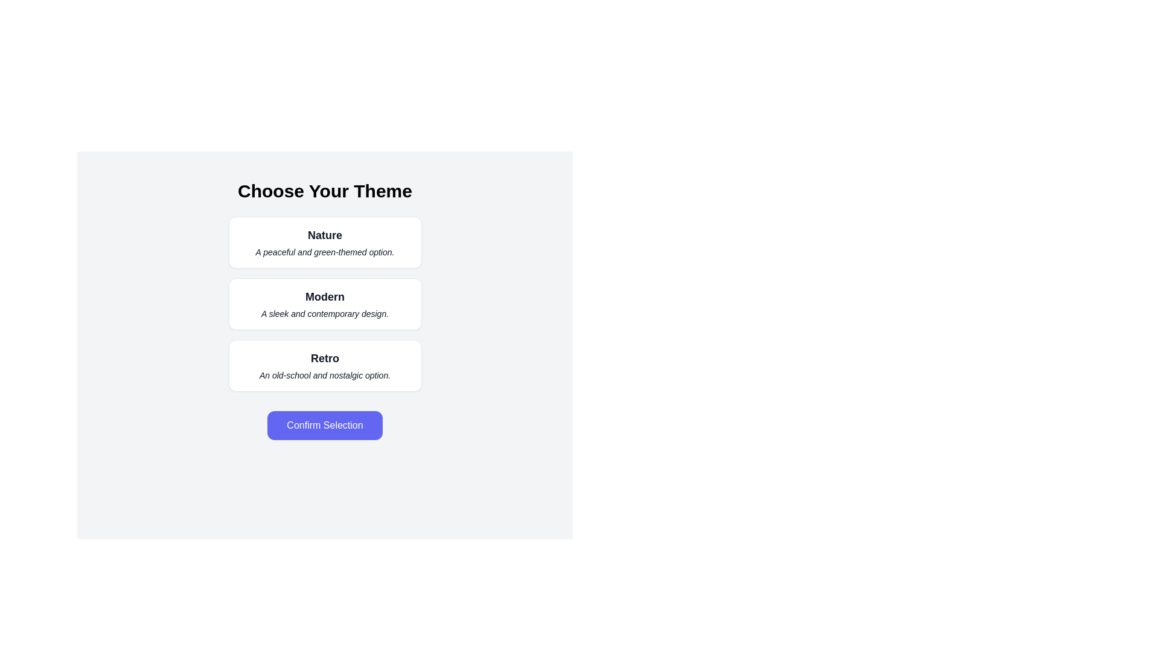  Describe the element at coordinates (325, 313) in the screenshot. I see `small italicized text label that says 'A sleek and contemporary design.' located below the bold title 'Modern.'` at that location.